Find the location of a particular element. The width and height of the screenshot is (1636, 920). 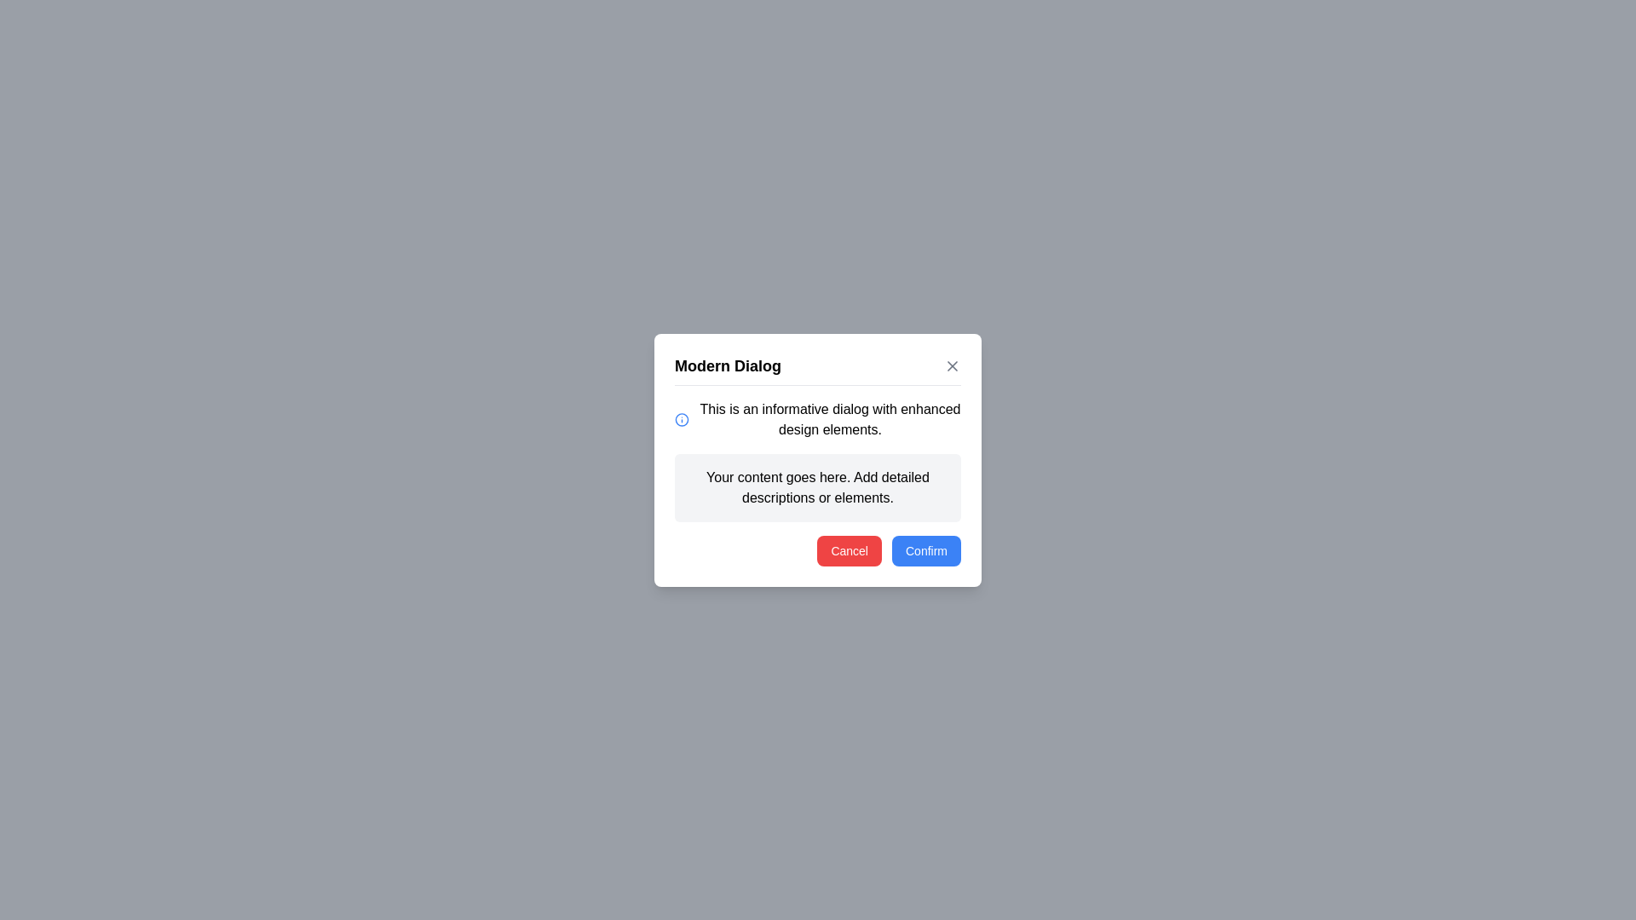

the blue information icon with a circular outline and 'i' symbol, located to the left of the text 'This is an informative dialog with enhanced design elements.' is located at coordinates (682, 419).